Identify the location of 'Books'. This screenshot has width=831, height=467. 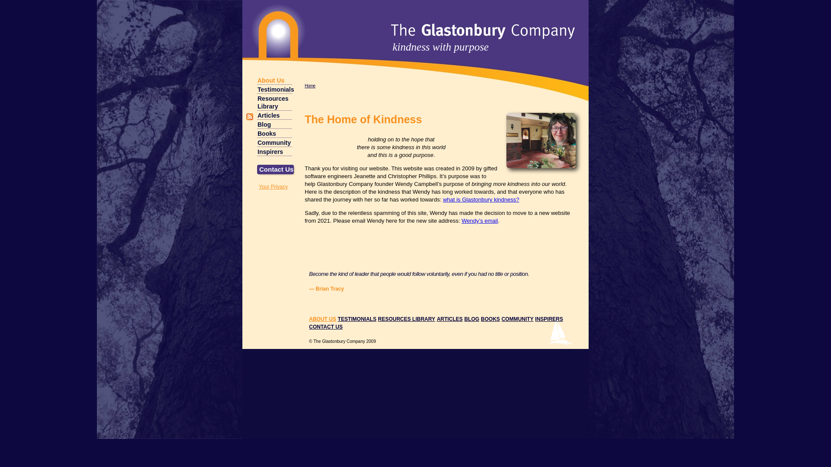
(274, 133).